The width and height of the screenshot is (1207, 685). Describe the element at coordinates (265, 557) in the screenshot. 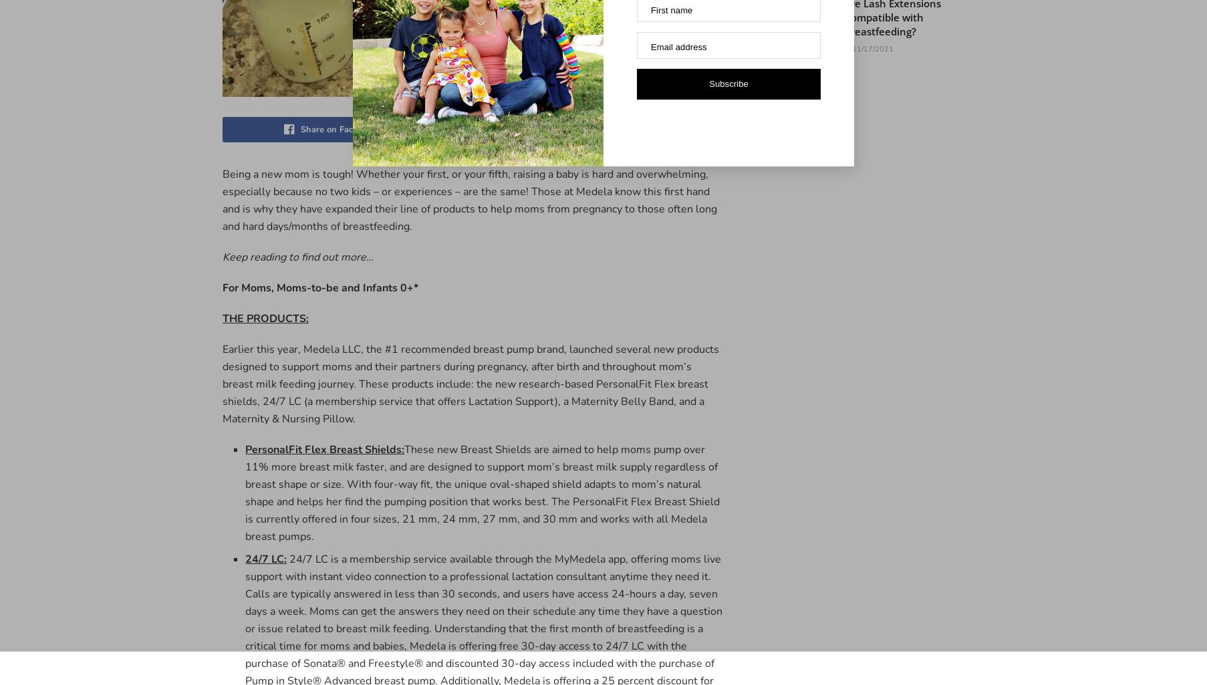

I see `'24/7 LC:'` at that location.